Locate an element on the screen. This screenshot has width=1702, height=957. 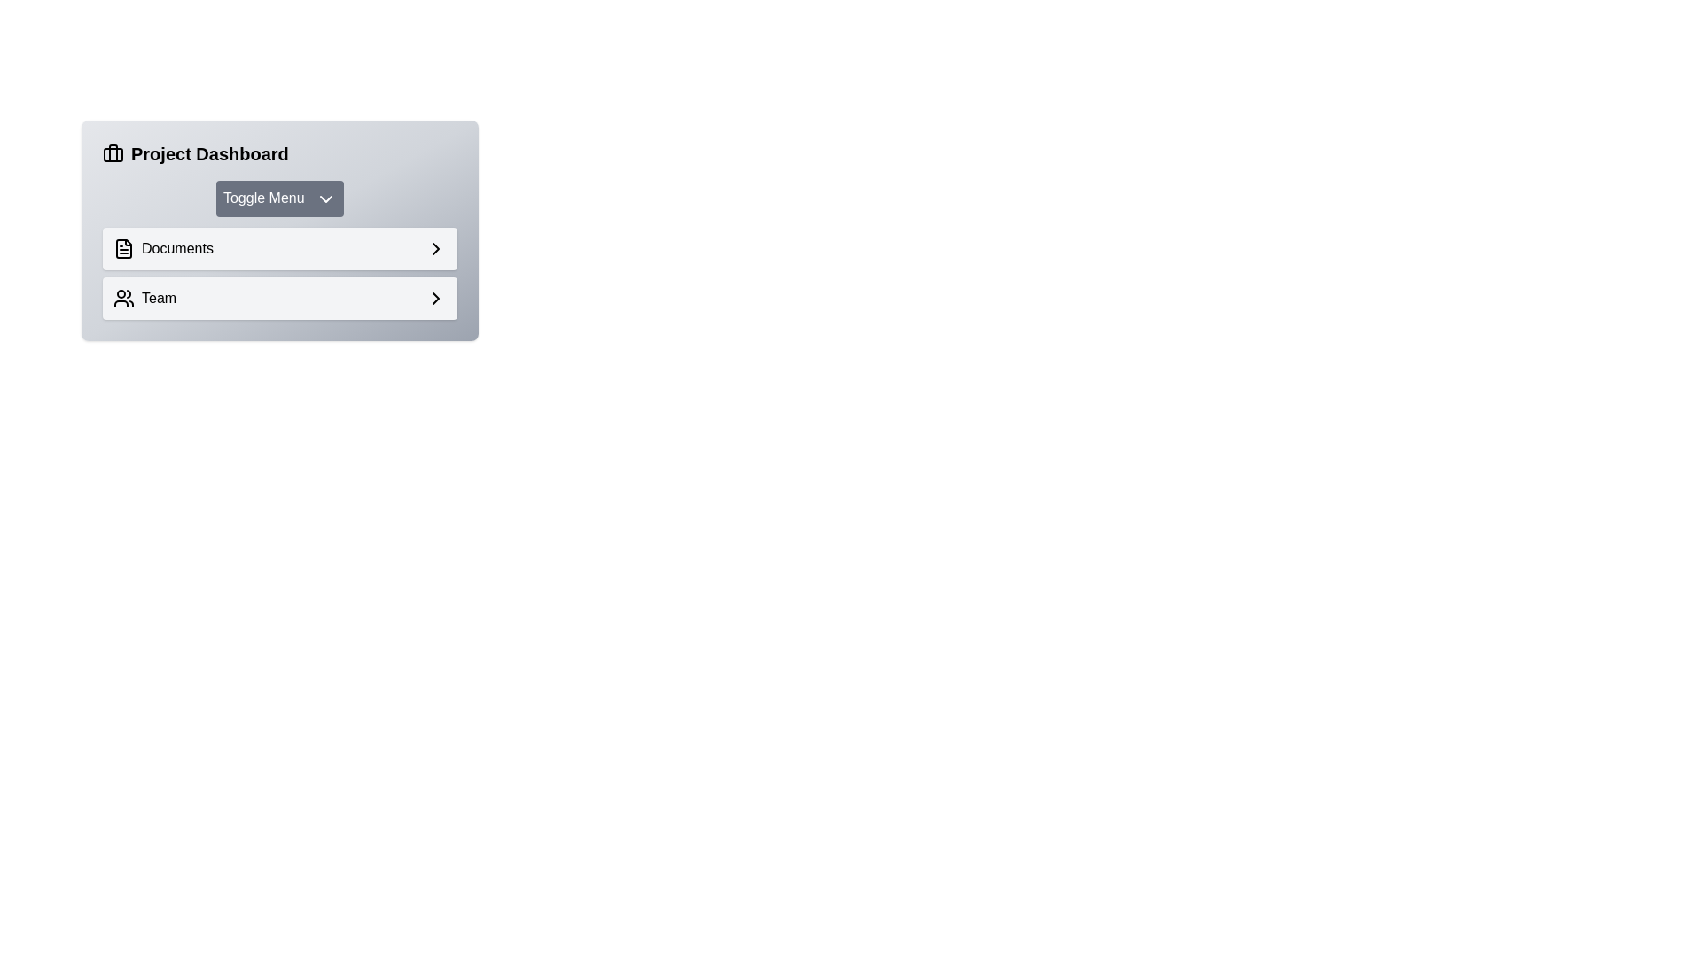
the navigational arrow icon located to the right of the 'Team' text in the dashboard menu is located at coordinates (435, 296).